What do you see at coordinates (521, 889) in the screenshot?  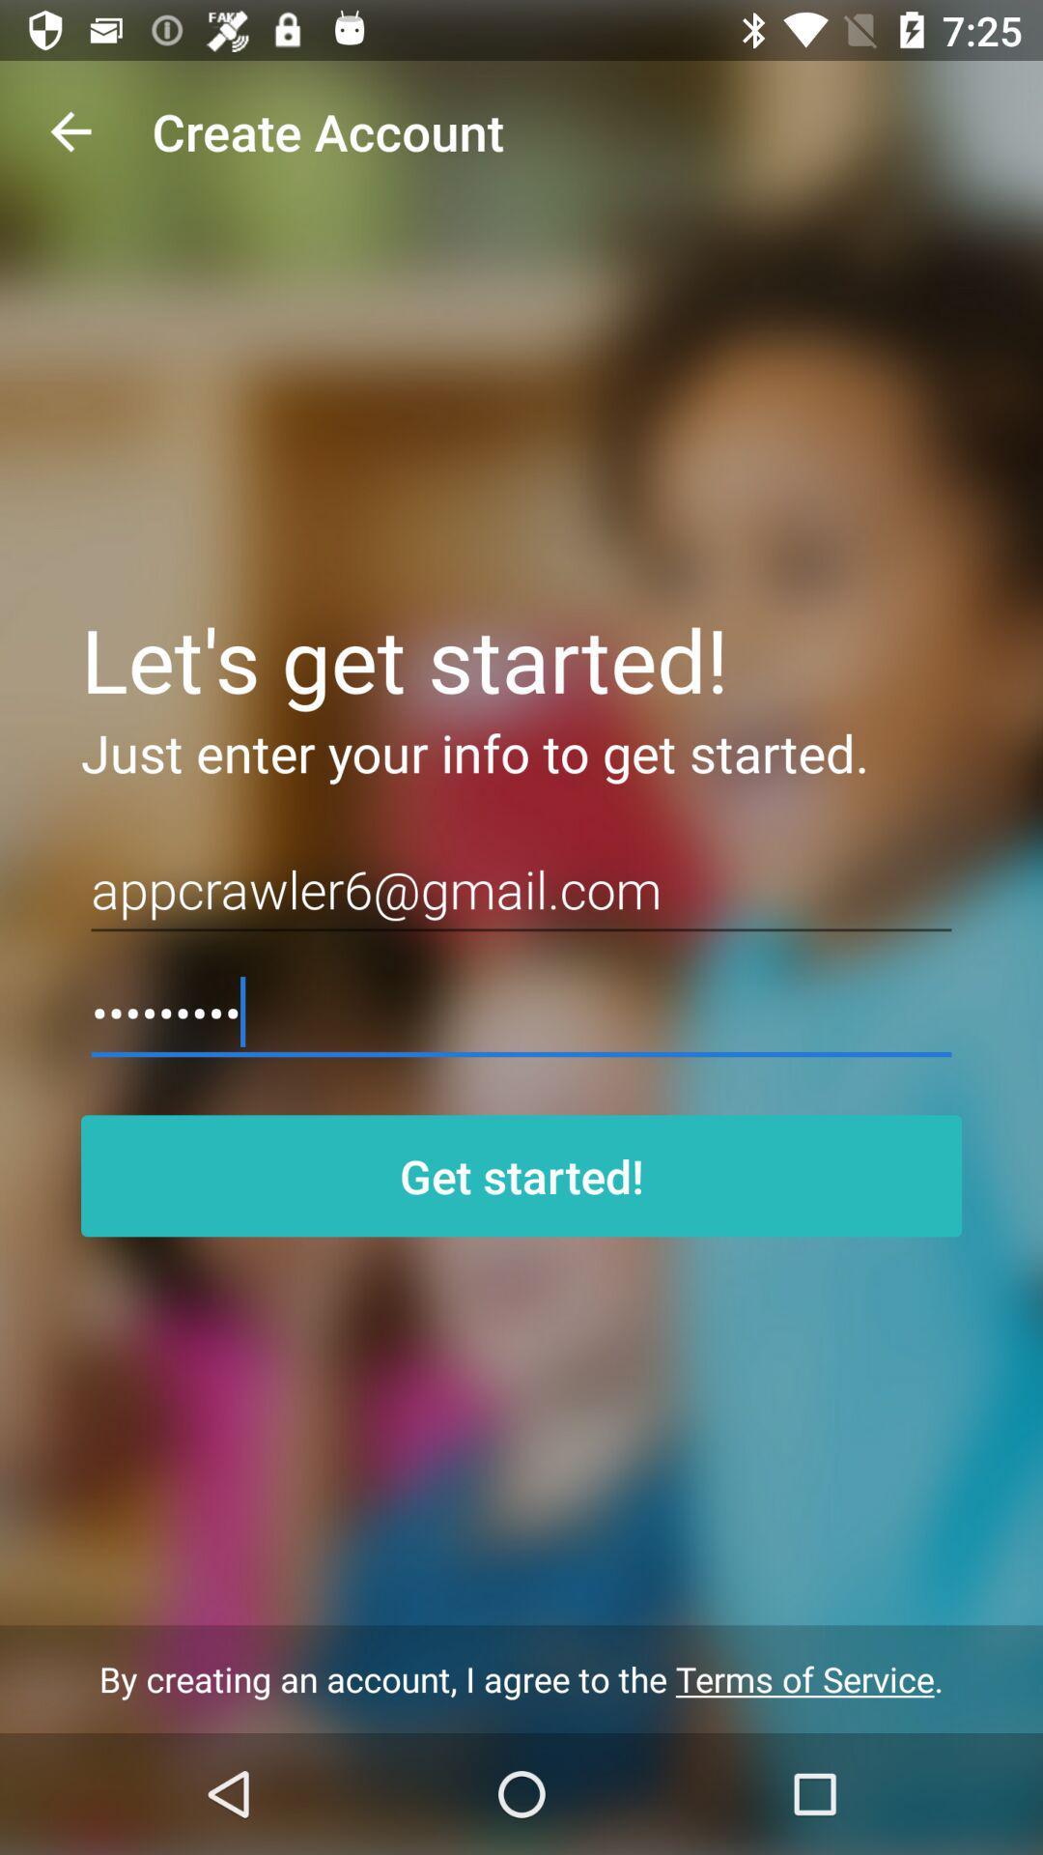 I see `the icon above the crowd3116` at bounding box center [521, 889].